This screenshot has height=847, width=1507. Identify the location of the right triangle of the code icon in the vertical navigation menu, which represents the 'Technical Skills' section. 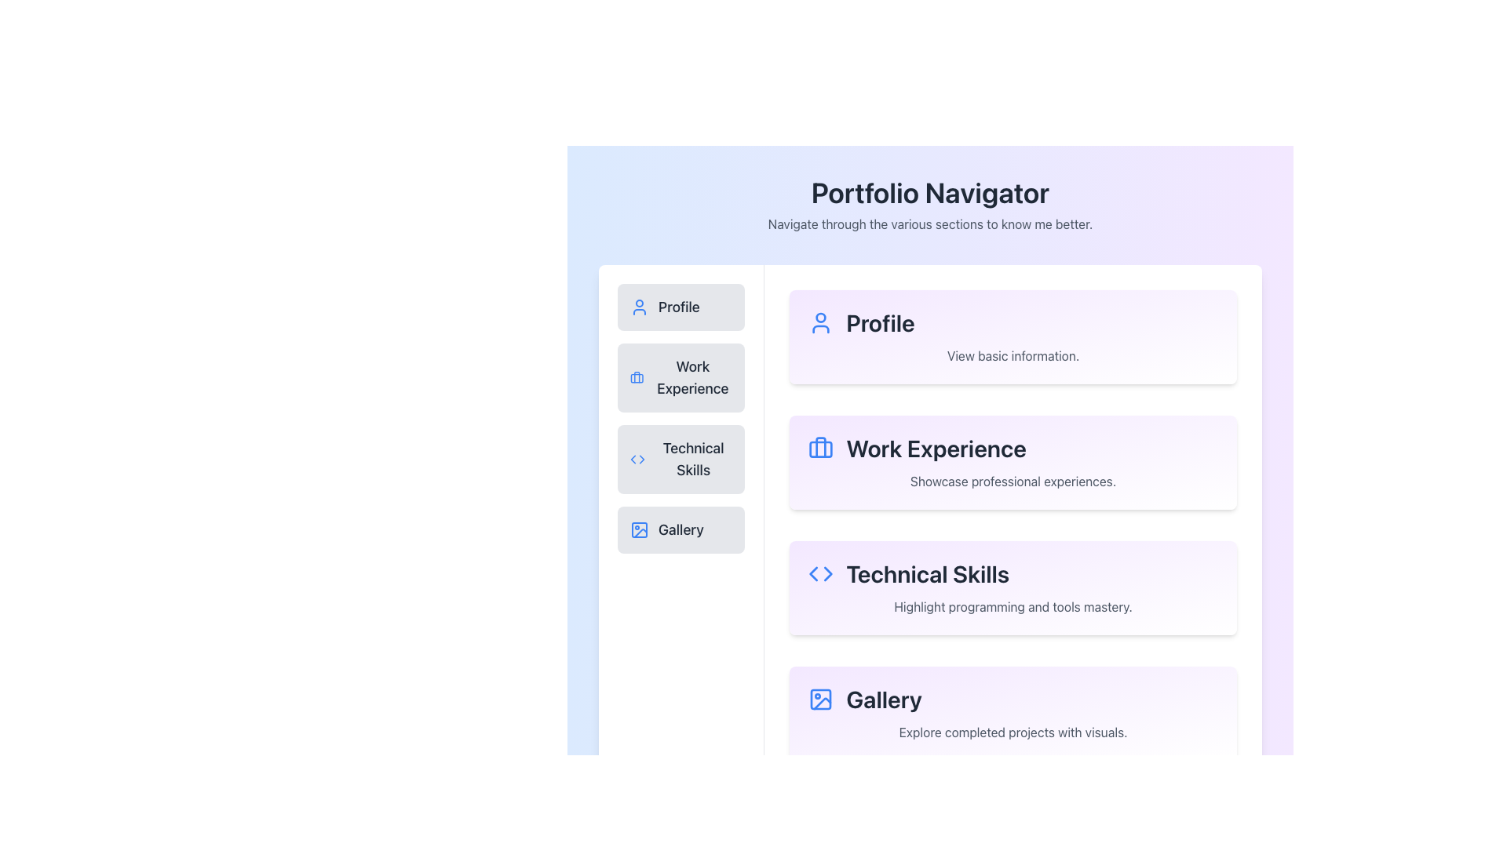
(642, 459).